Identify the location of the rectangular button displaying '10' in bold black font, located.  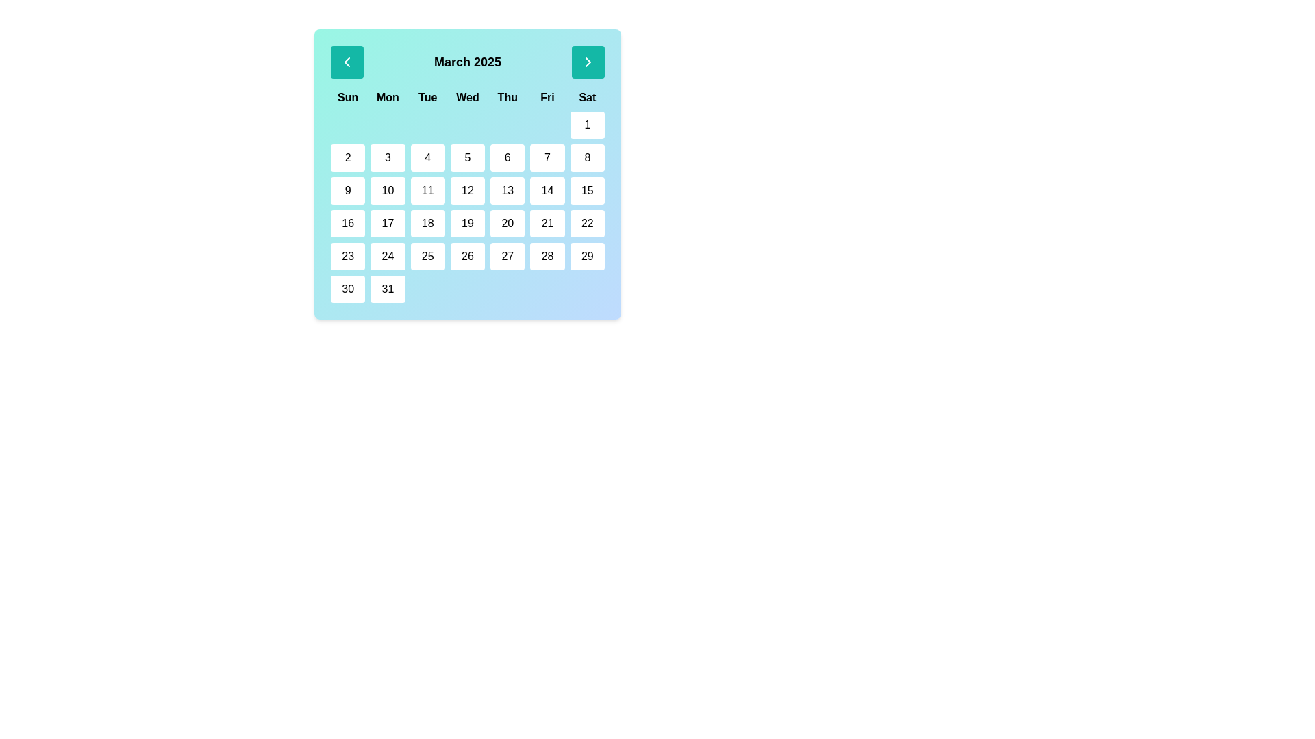
(387, 190).